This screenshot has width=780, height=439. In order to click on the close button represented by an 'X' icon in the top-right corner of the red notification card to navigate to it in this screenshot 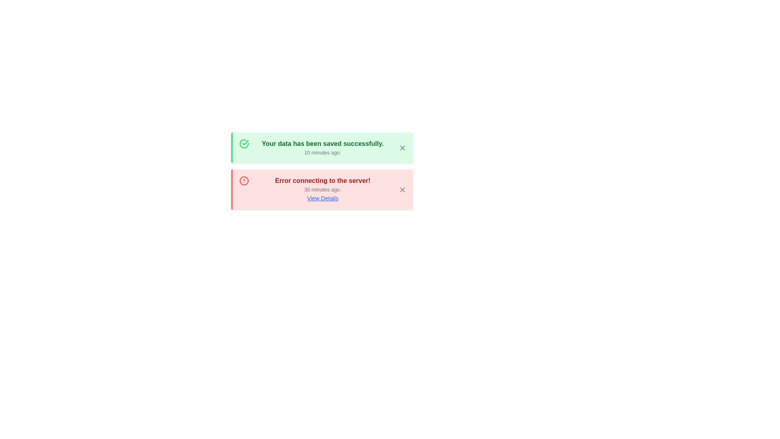, I will do `click(402, 189)`.